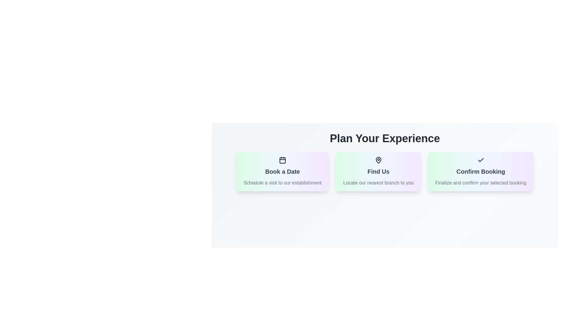  What do you see at coordinates (378, 160) in the screenshot?
I see `the location pin icon, which is visually distinct with its pin-like geometry, located above the text 'Find Us' in the second card labeled 'Find Us'` at bounding box center [378, 160].